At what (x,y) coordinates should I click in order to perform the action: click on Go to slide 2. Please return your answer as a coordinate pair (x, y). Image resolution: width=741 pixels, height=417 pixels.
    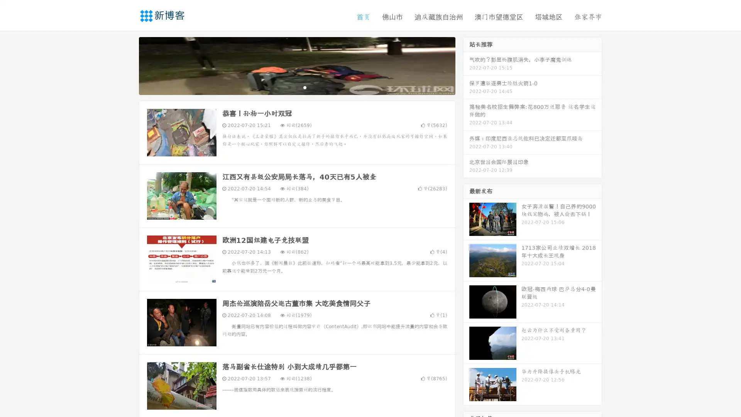
    Looking at the image, I should click on (296, 87).